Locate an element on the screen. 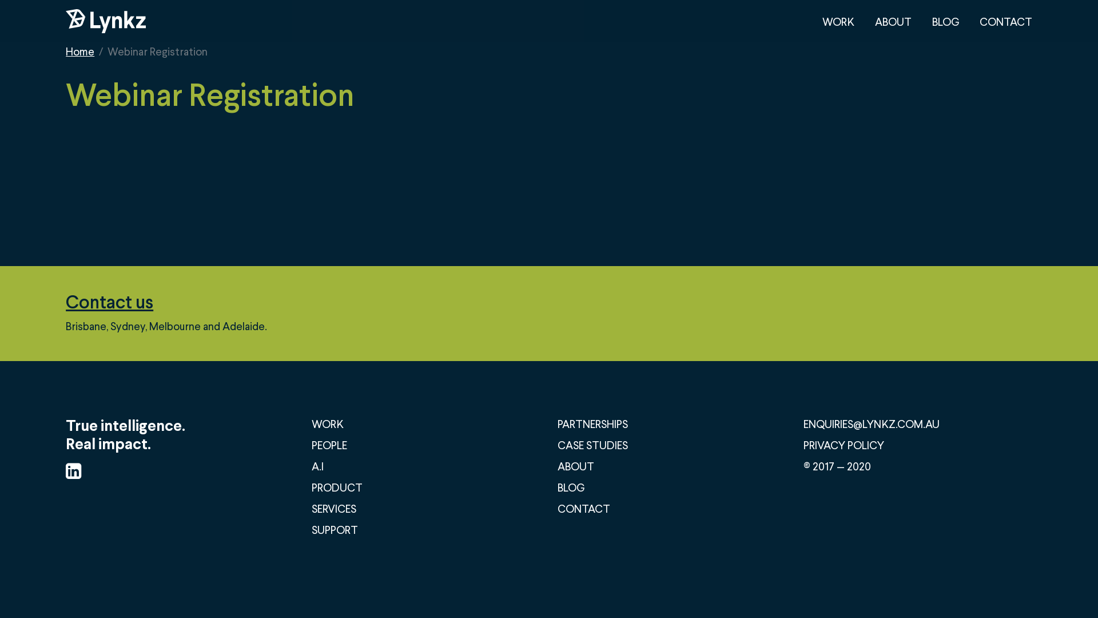 The image size is (1098, 618). 'A.I' is located at coordinates (317, 466).